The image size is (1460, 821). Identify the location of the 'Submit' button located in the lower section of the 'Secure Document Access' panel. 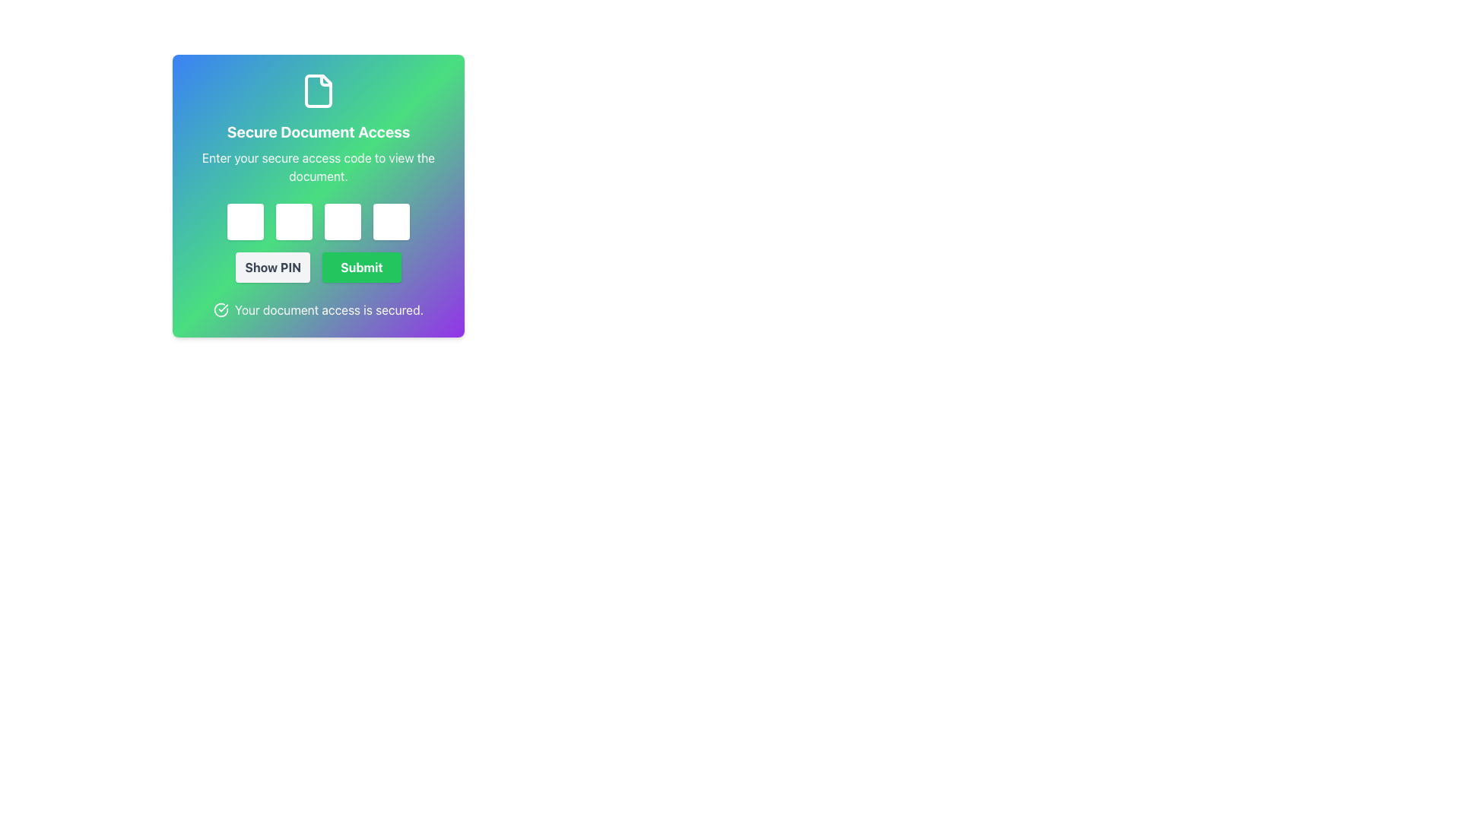
(360, 266).